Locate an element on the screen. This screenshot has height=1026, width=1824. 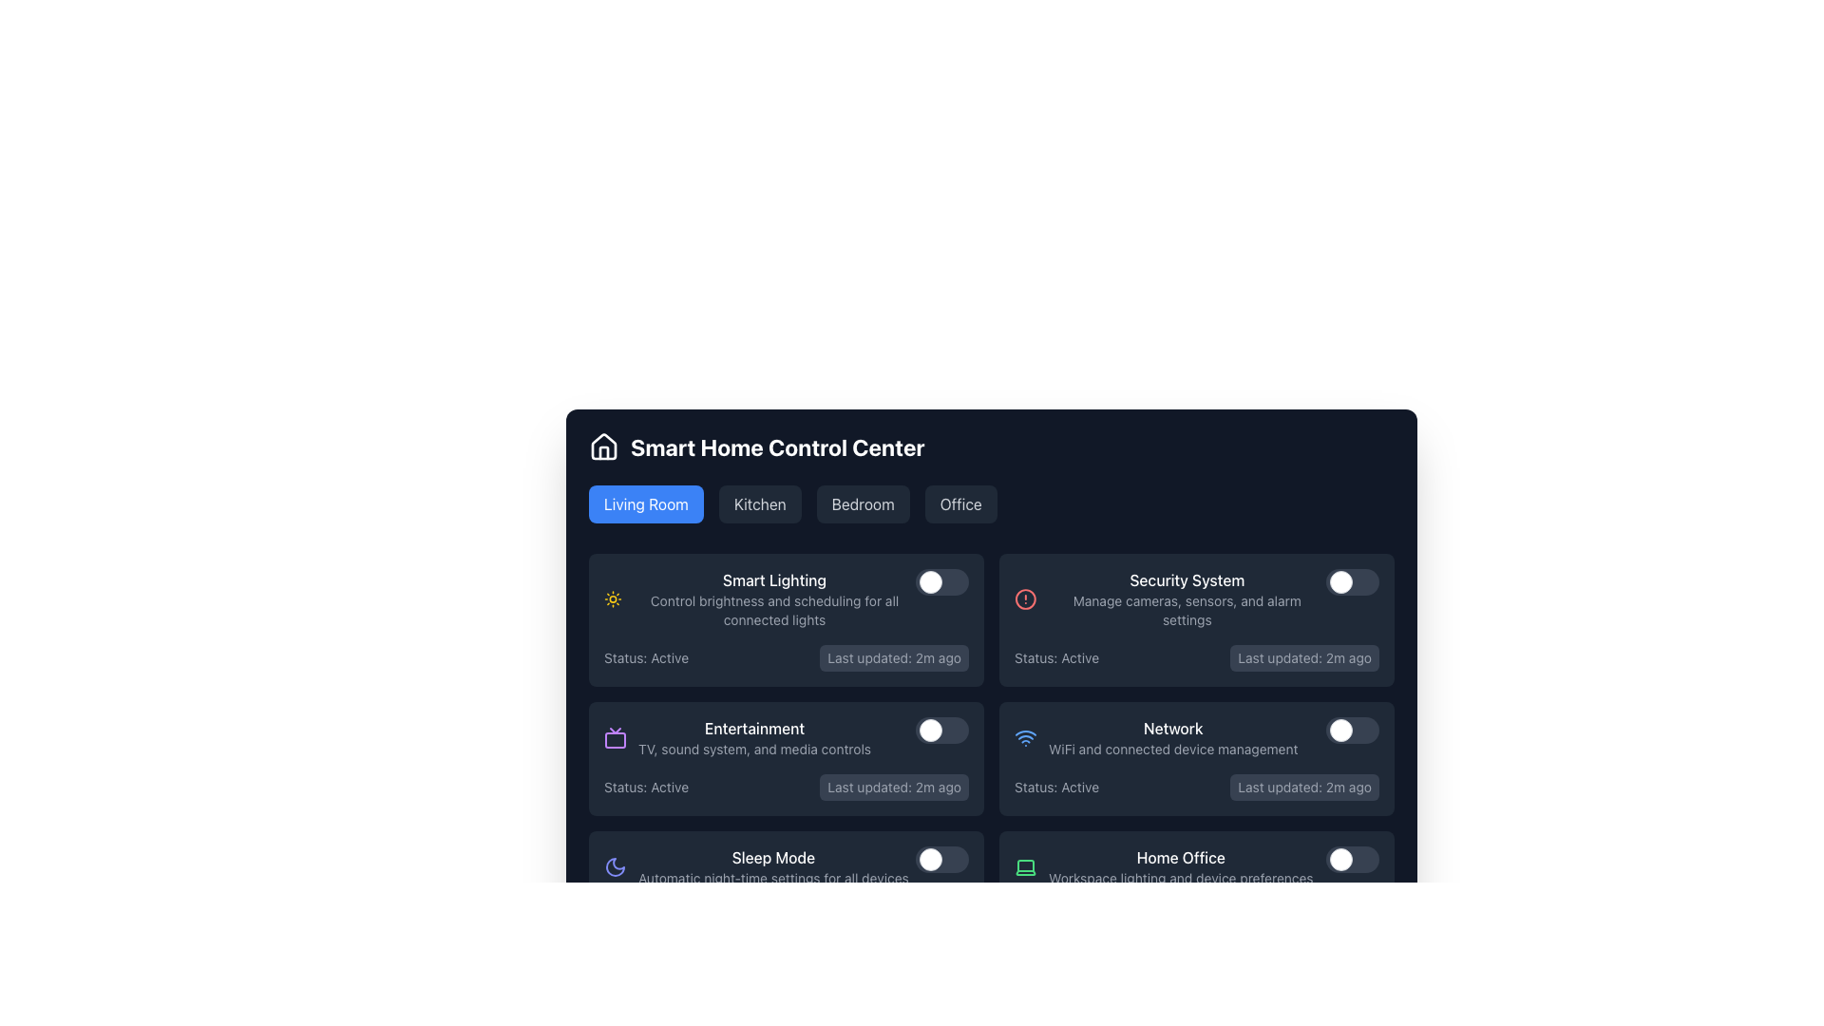
the house icon, which features white outlines against a dark background, located to the left of the 'Smart Home Control Center' title in the header section is located at coordinates (602, 446).